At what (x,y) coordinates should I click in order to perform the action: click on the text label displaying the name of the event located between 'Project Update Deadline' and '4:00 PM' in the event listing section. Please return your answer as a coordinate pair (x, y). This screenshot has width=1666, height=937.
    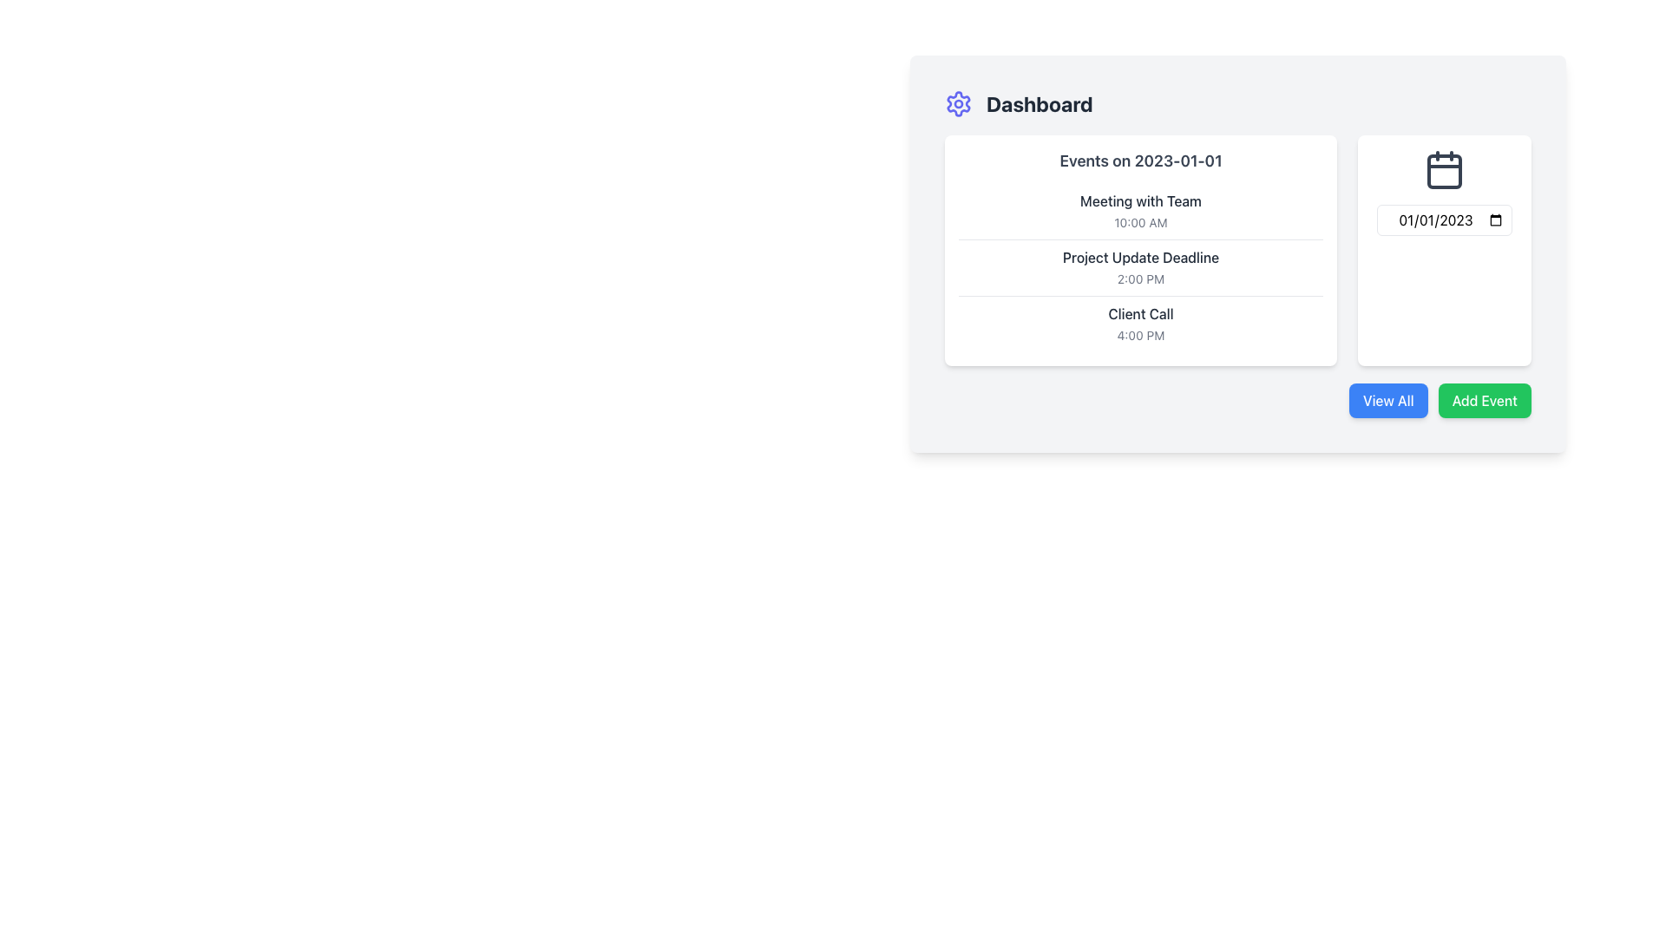
    Looking at the image, I should click on (1141, 314).